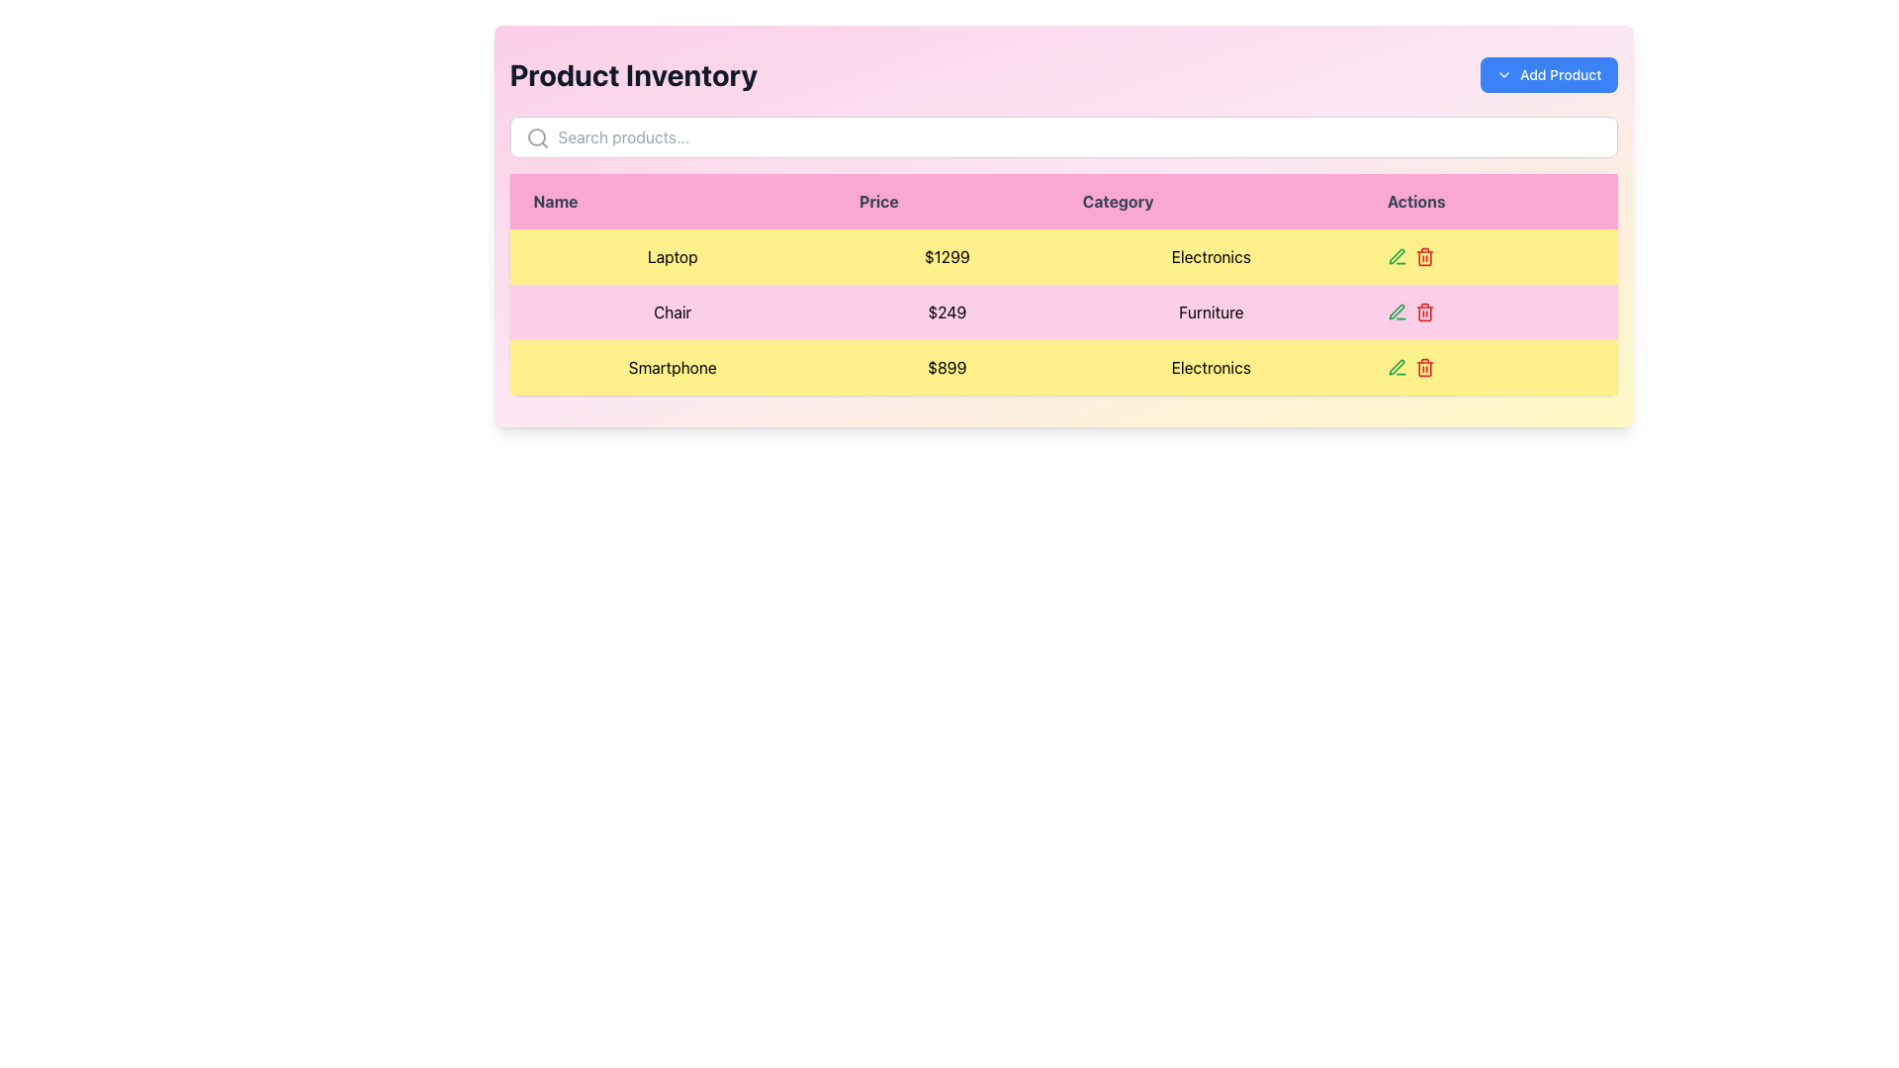 This screenshot has height=1068, width=1899. Describe the element at coordinates (537, 136) in the screenshot. I see `the search icon located at the leftmost position within the search input field, immediately to the left of the input text placeholder 'Search products...'` at that location.